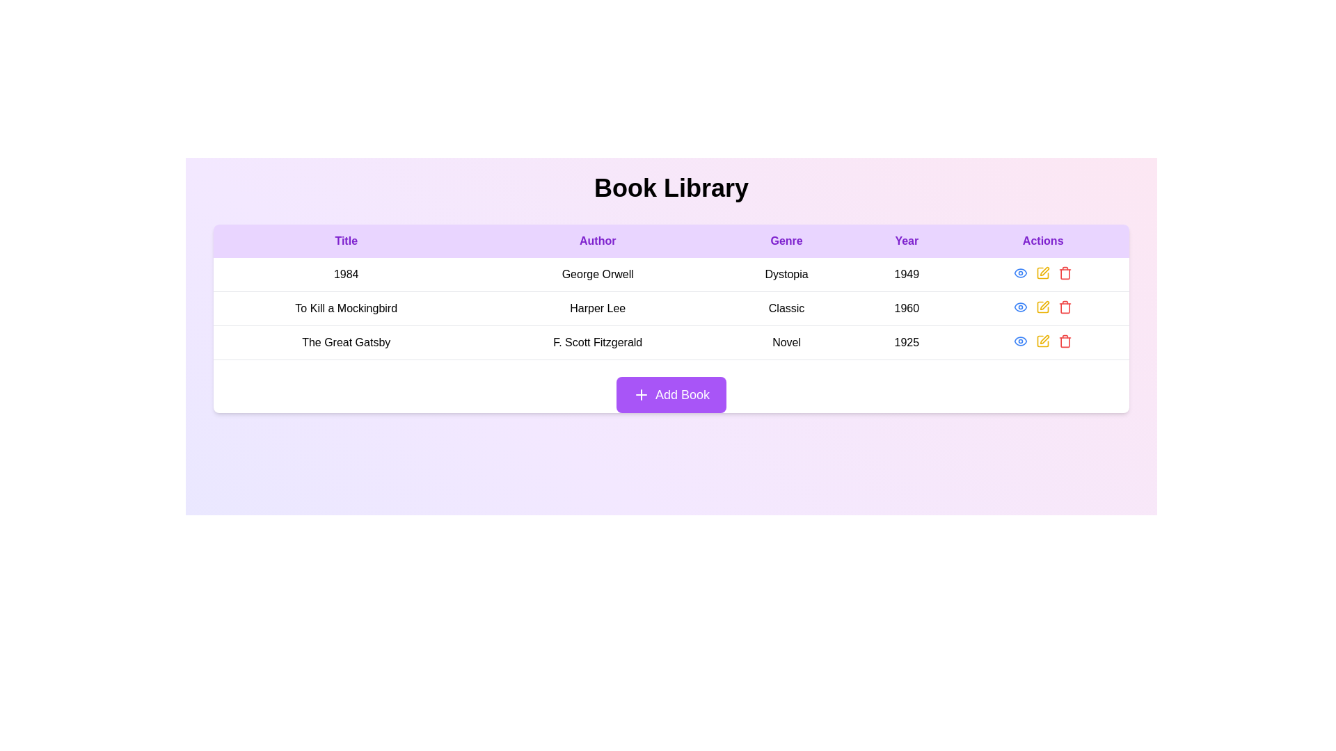 Image resolution: width=1336 pixels, height=751 pixels. Describe the element at coordinates (907, 275) in the screenshot. I see `the 'Year' text label in the first row of the book table, which displays the publication year for '1984'` at that location.